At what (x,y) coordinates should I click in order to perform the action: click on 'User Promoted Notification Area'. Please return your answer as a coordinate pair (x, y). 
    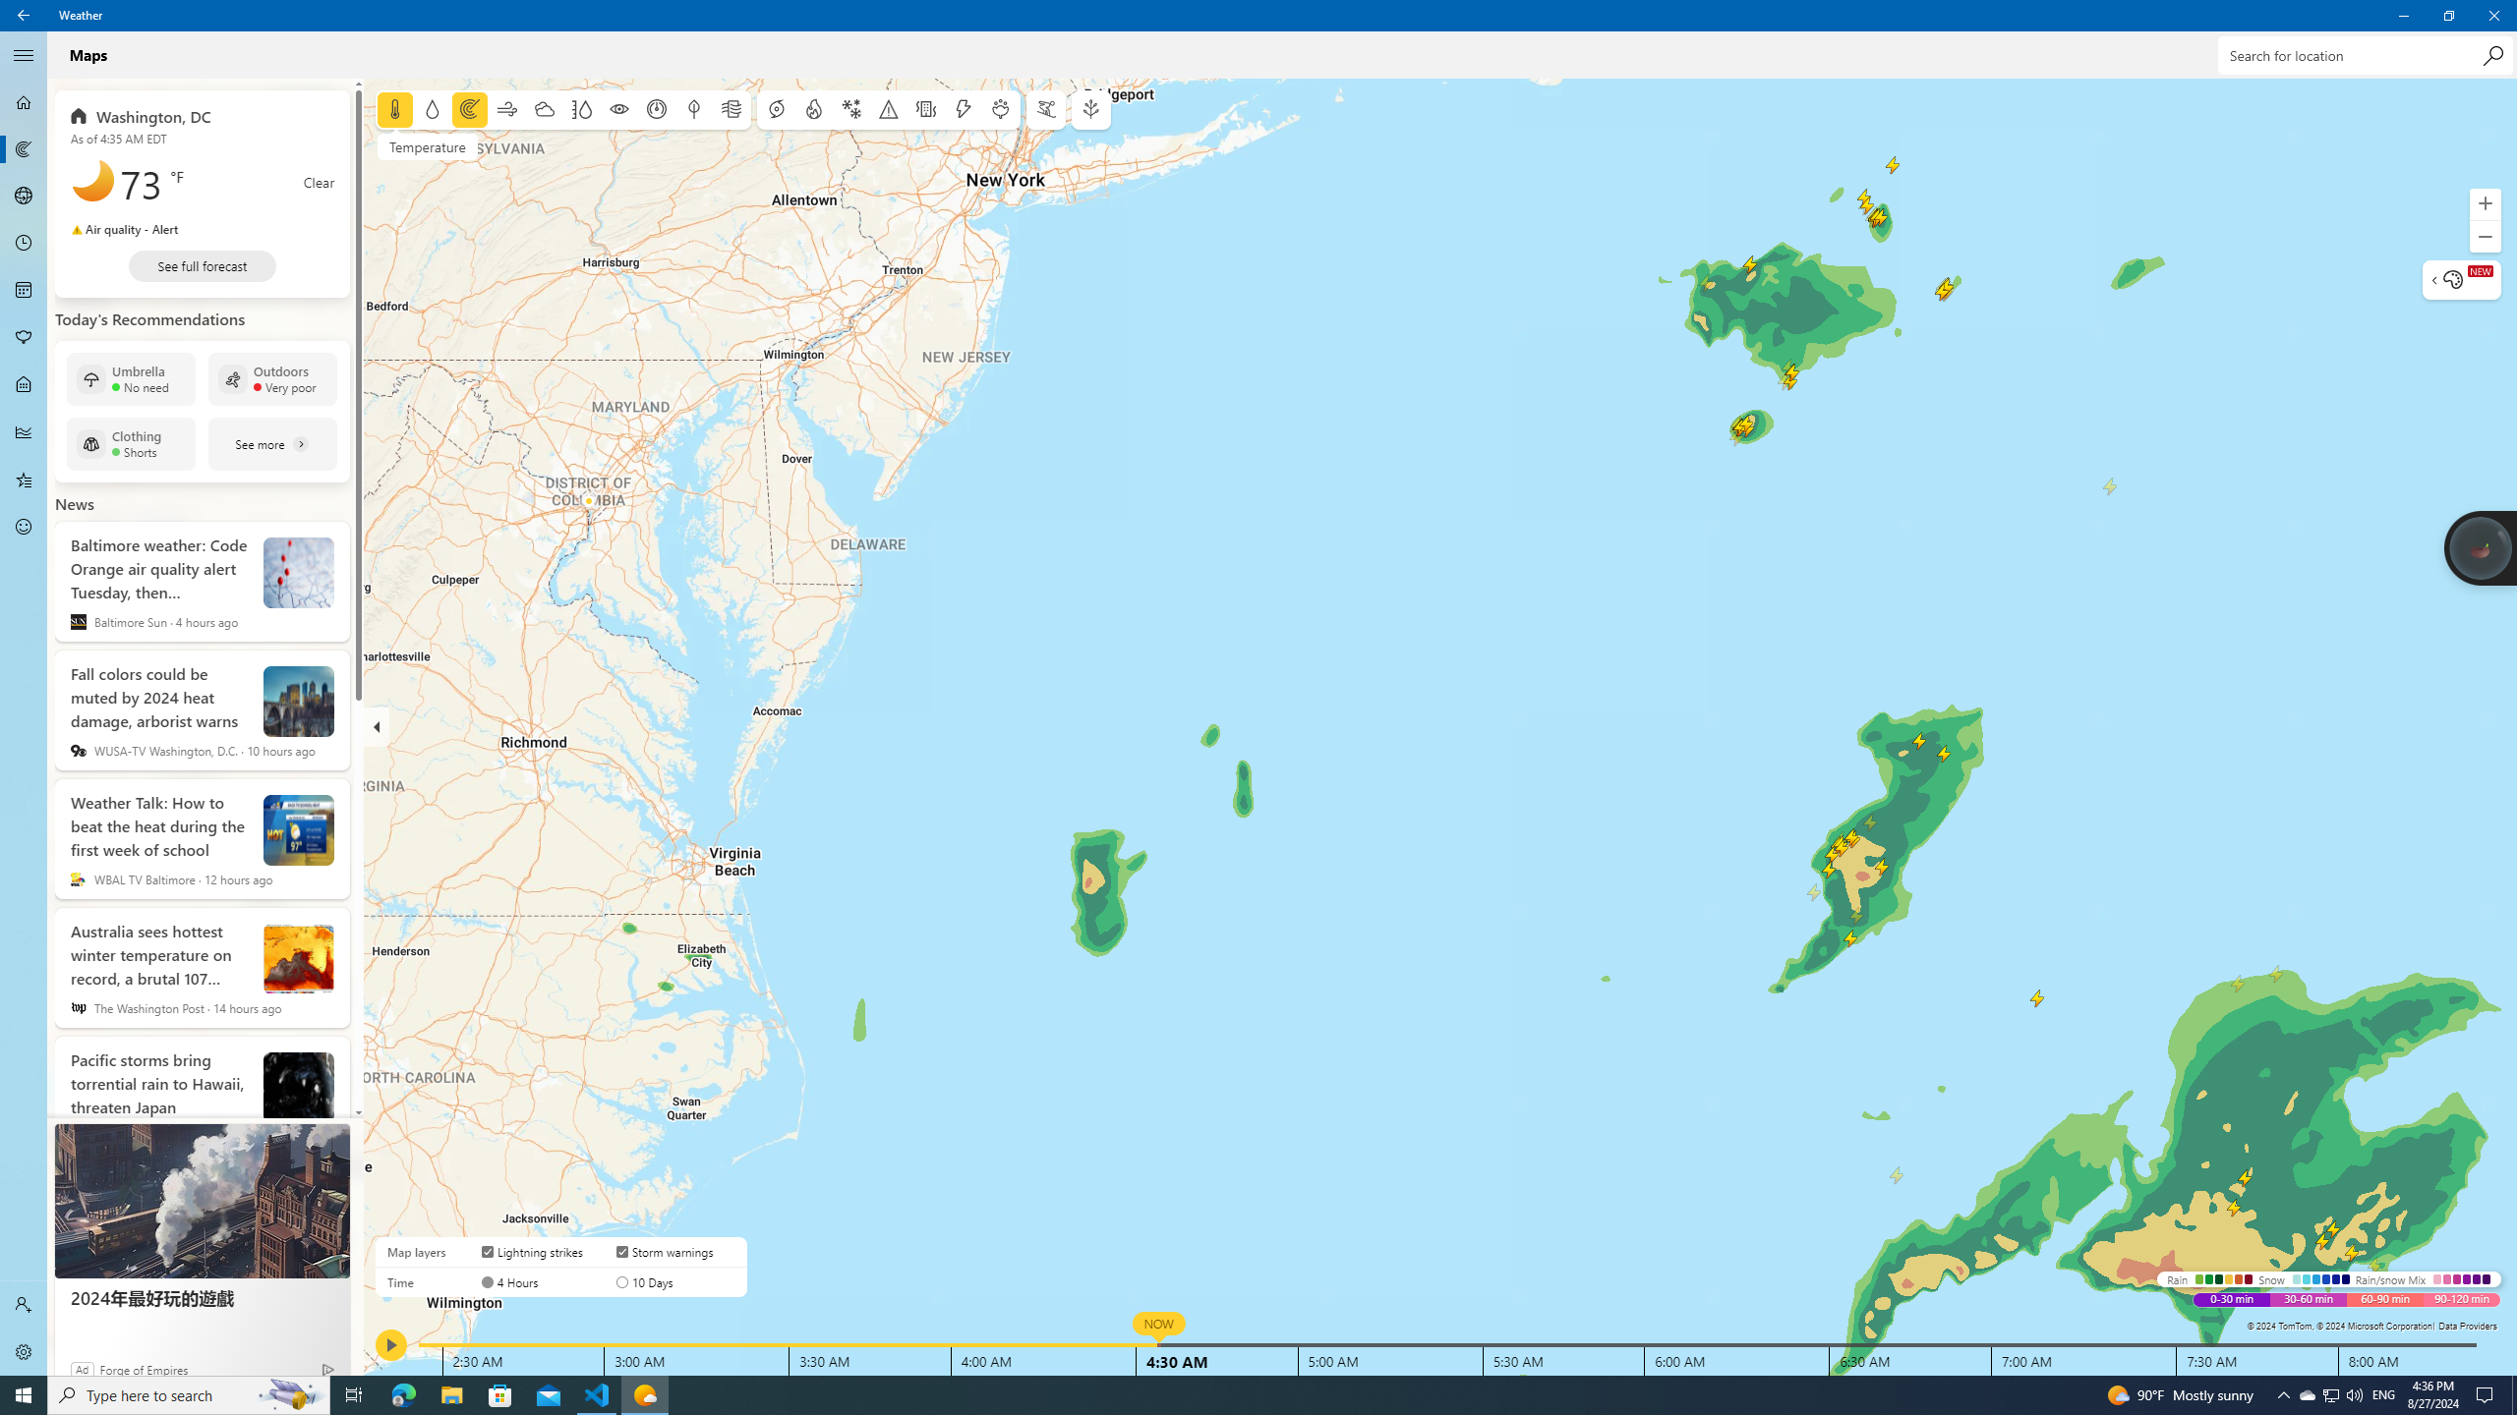
    Looking at the image, I should click on (2329, 1393).